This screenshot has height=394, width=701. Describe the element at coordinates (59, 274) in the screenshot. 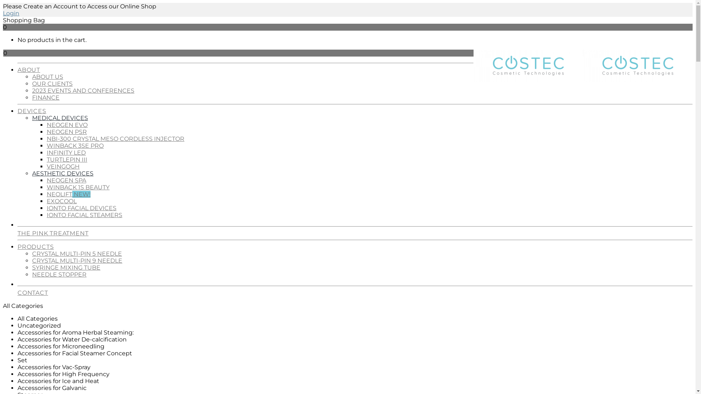

I see `'NEEDLE STOPPER'` at that location.